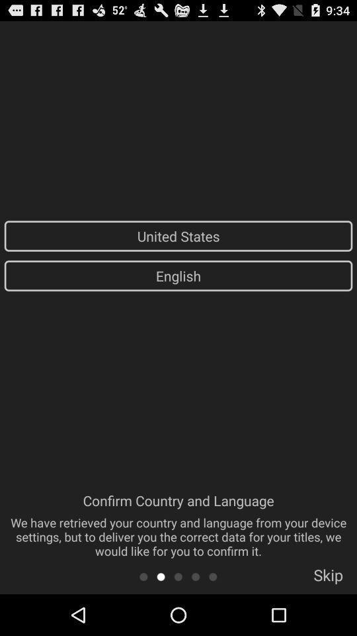 The image size is (357, 636). I want to click on item below the confirm country and item, so click(195, 576).